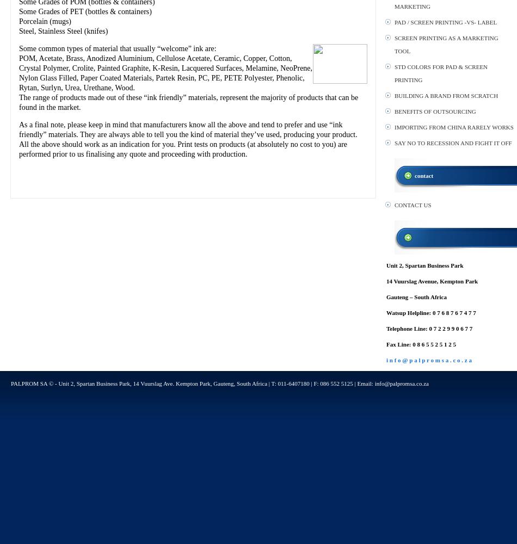 The height and width of the screenshot is (544, 517). I want to click on 'SAY NO TO RECESSION AND FIGHT IT OFF', so click(452, 143).